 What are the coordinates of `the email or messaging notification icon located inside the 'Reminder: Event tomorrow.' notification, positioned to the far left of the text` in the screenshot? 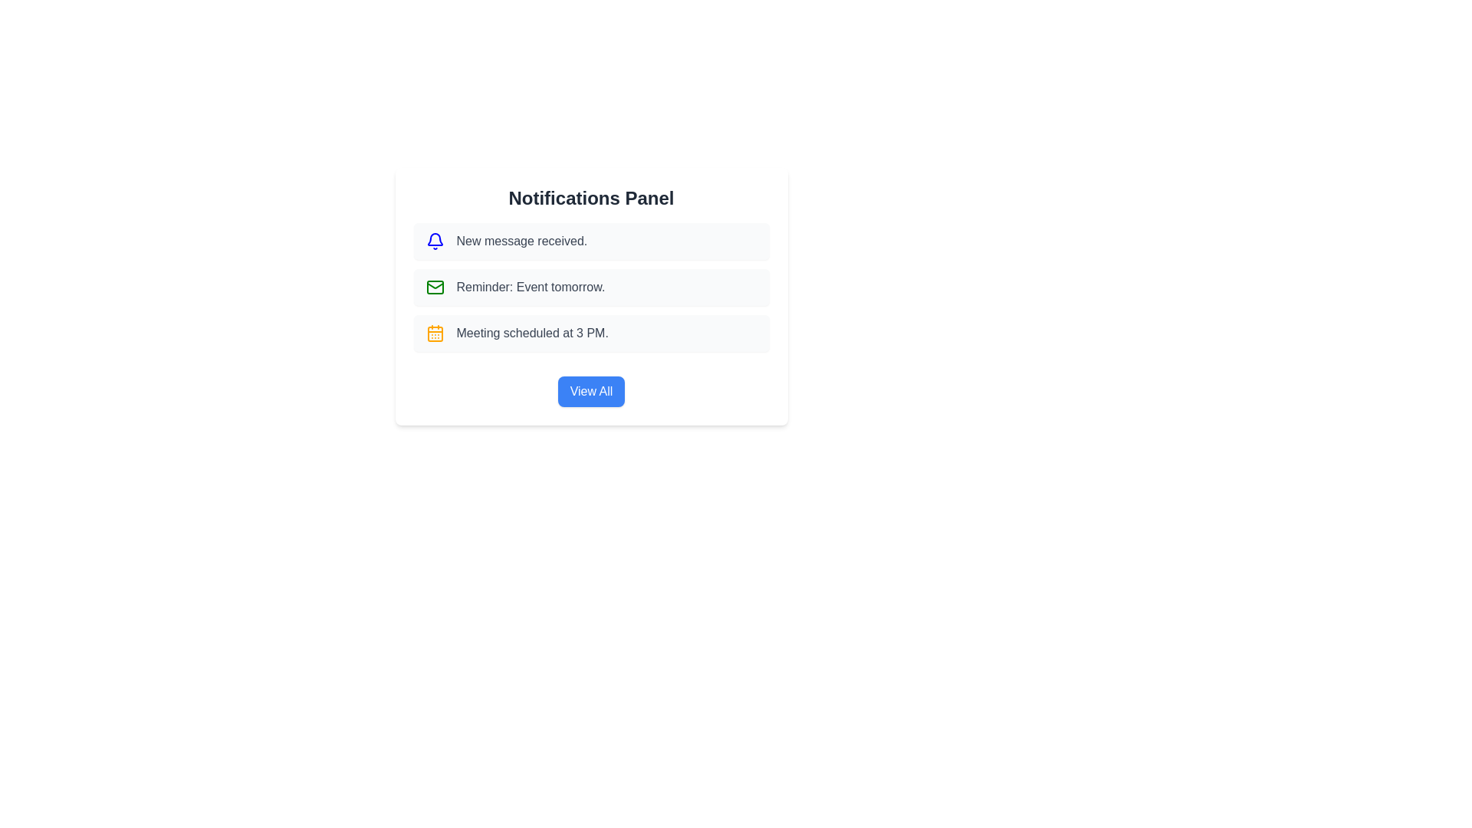 It's located at (434, 287).